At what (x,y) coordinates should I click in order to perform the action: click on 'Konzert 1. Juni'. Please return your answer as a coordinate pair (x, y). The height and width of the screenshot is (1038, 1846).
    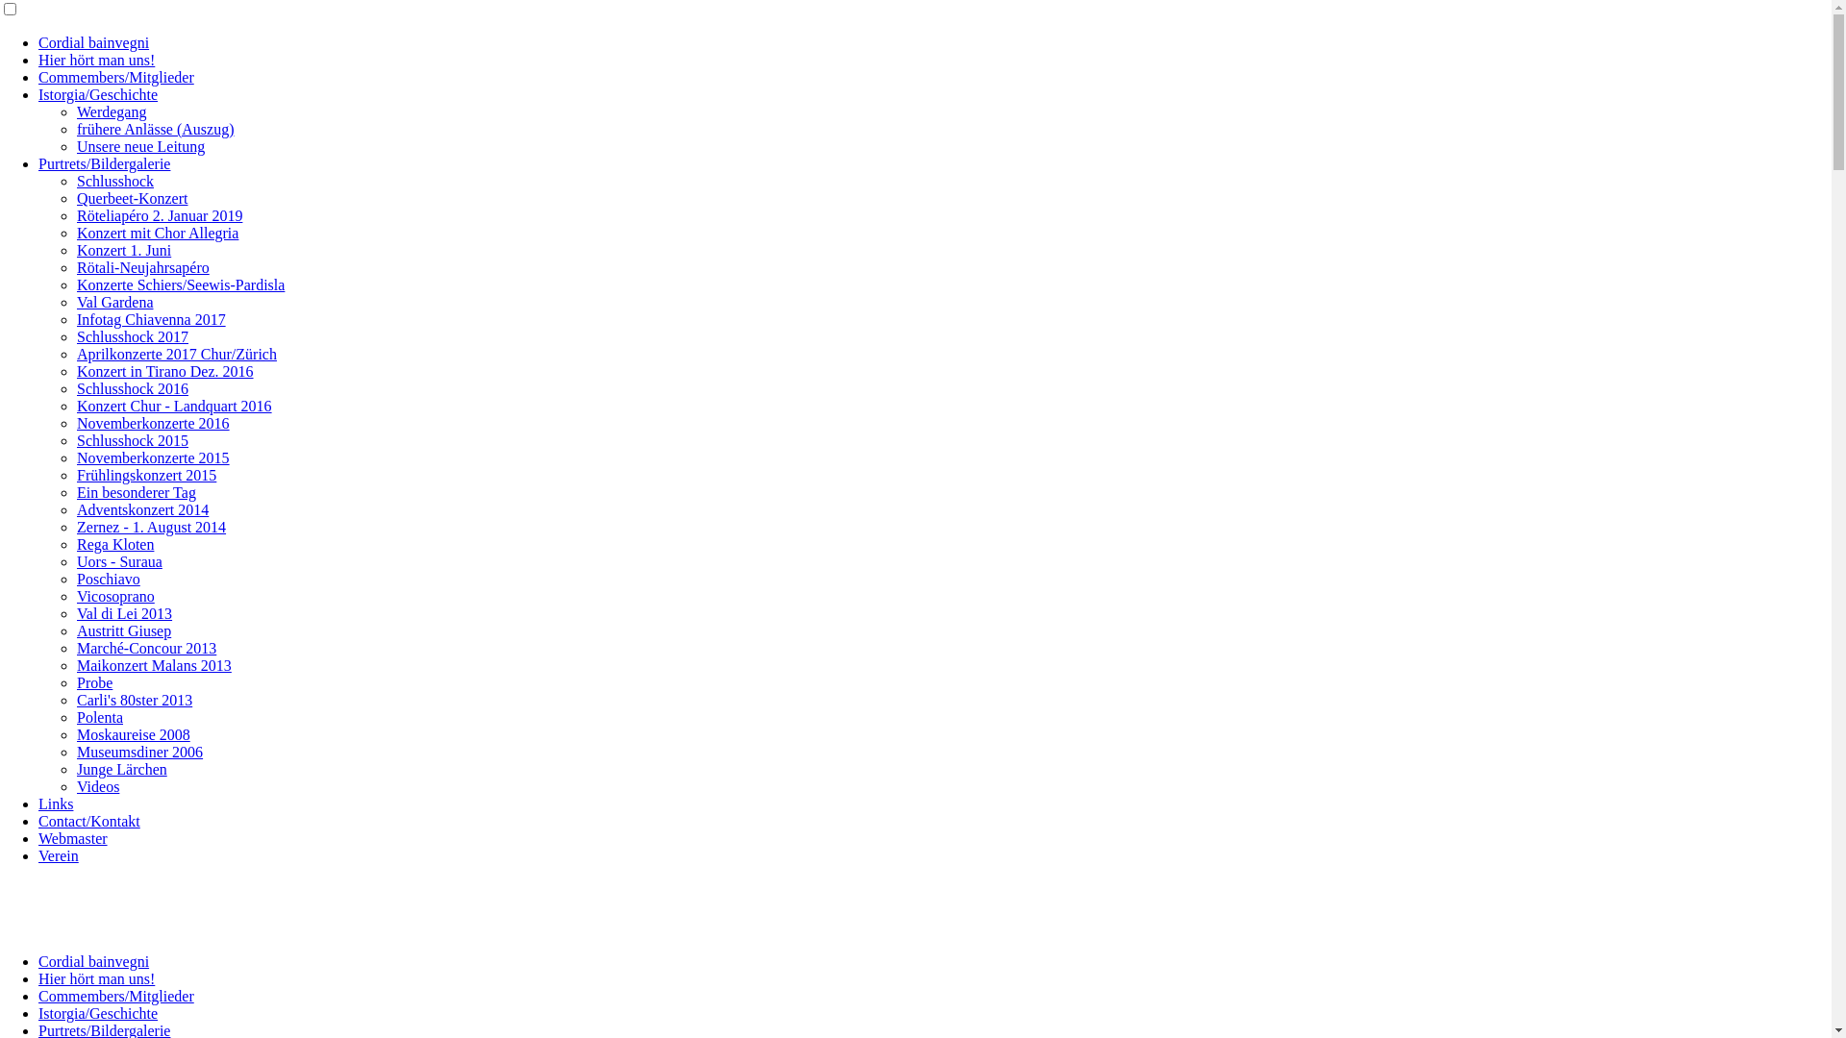
    Looking at the image, I should click on (123, 249).